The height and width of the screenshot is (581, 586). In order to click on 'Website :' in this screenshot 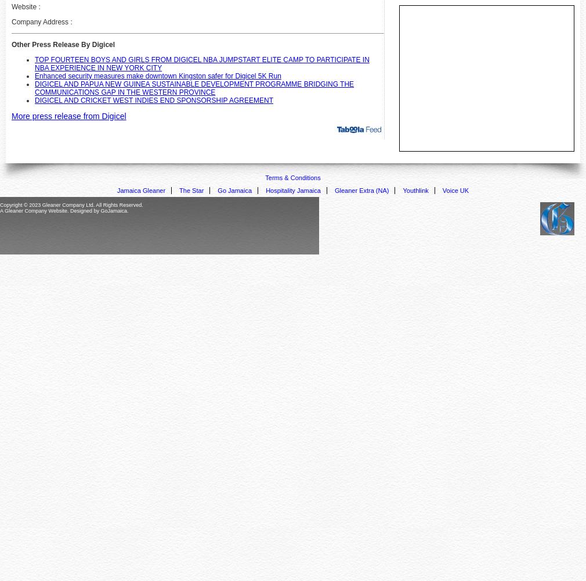, I will do `click(25, 7)`.